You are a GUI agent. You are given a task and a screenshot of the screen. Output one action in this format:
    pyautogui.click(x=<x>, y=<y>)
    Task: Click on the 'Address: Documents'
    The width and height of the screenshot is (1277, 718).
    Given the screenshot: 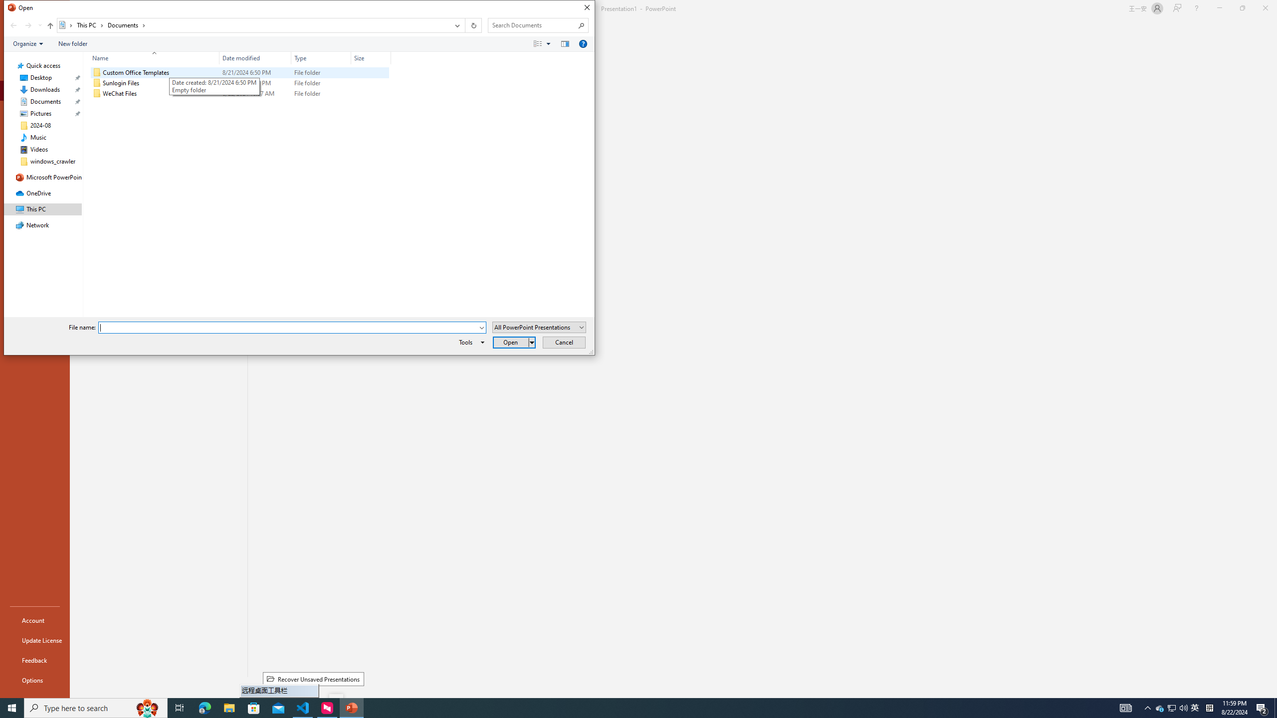 What is the action you would take?
    pyautogui.click(x=252, y=25)
    